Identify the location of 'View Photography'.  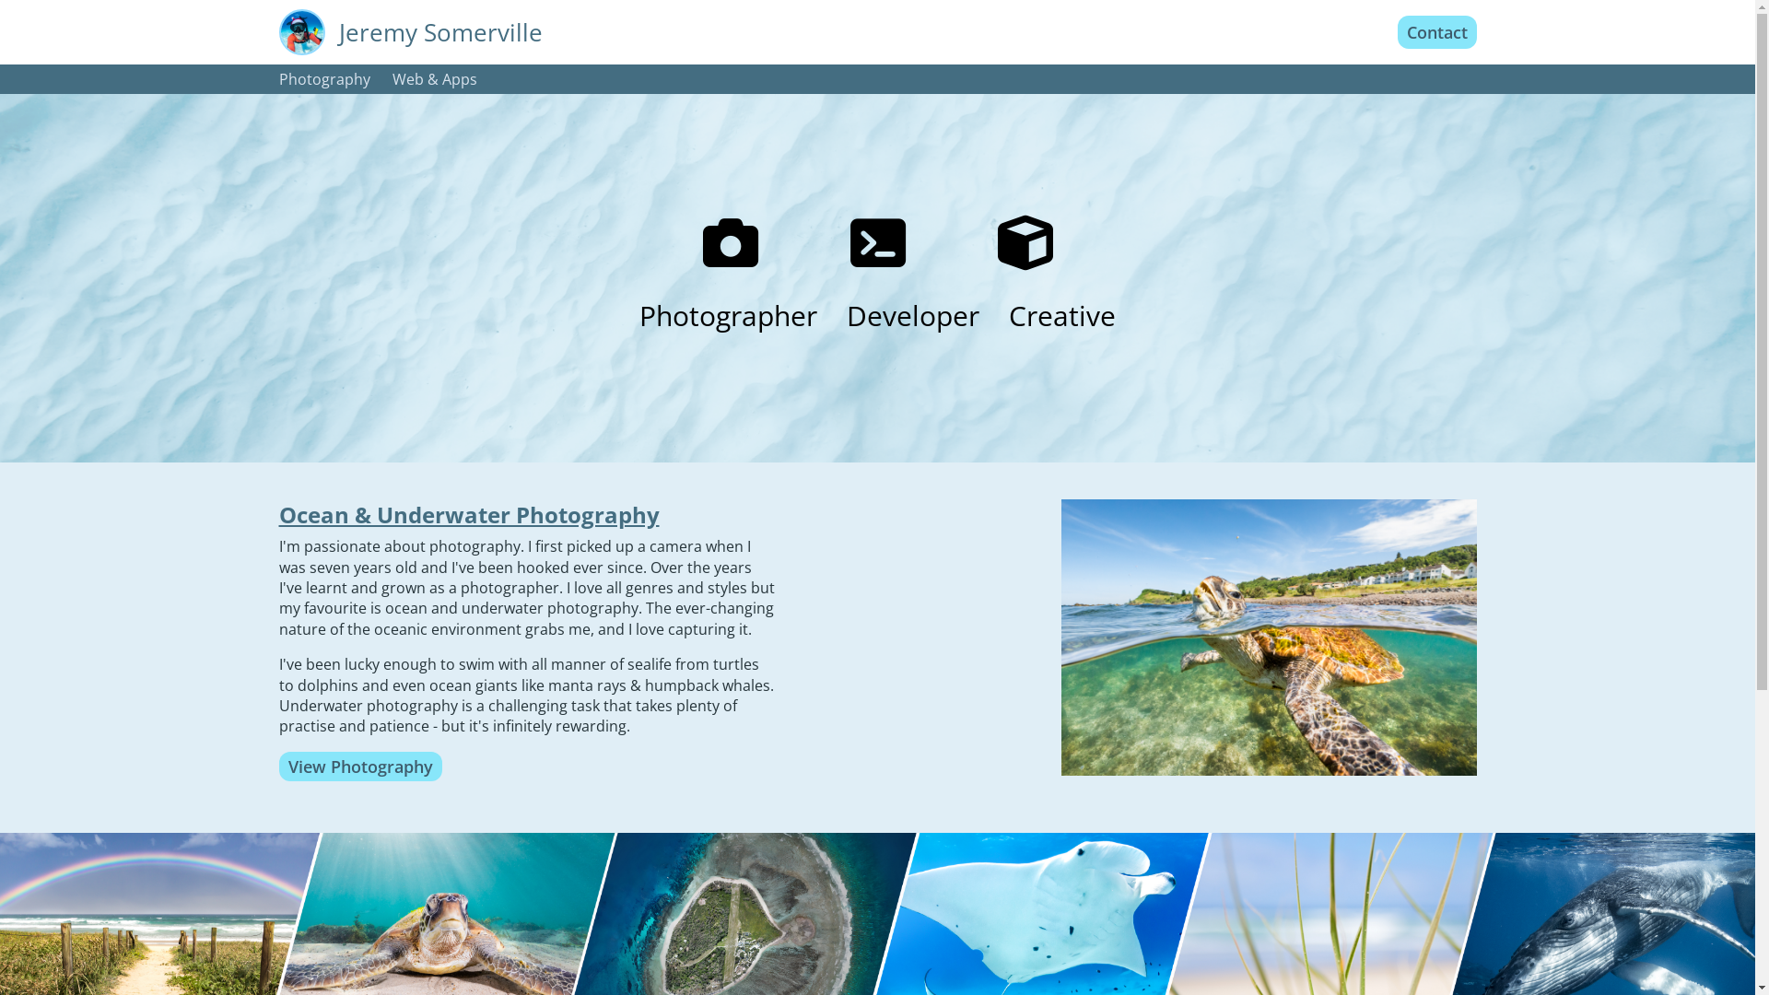
(359, 767).